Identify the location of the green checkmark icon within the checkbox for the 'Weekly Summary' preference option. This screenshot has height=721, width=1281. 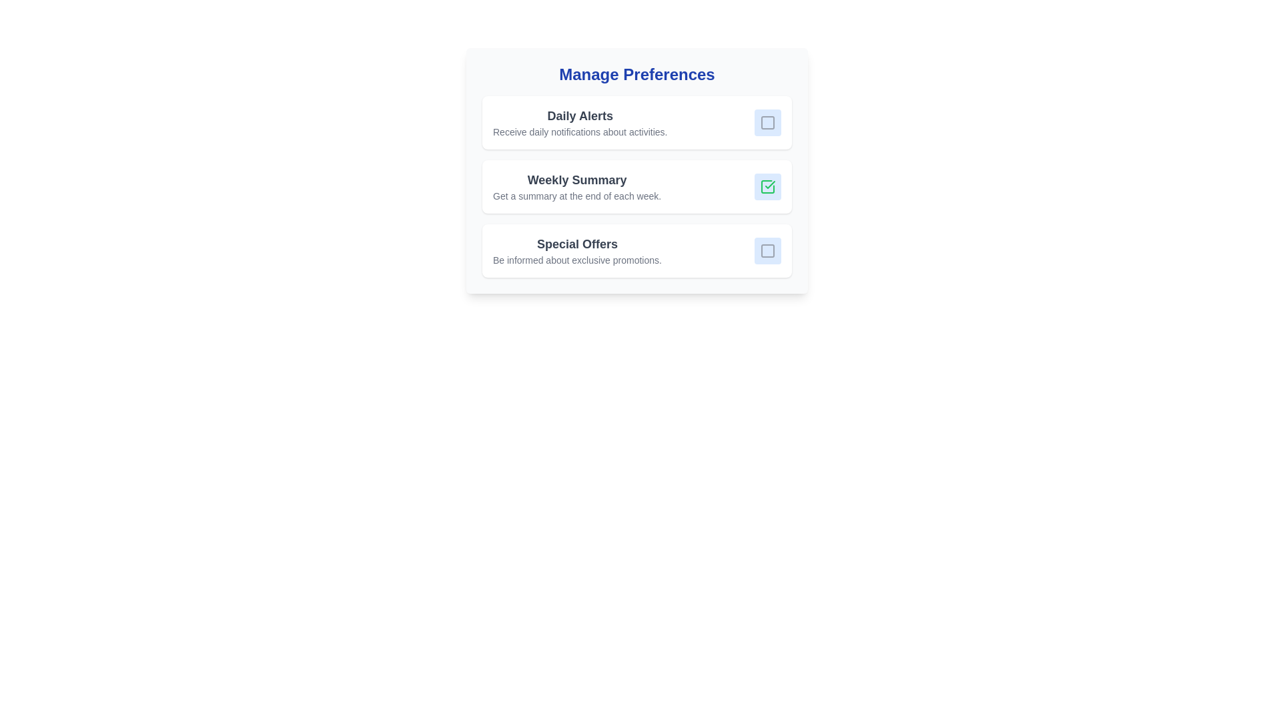
(768, 187).